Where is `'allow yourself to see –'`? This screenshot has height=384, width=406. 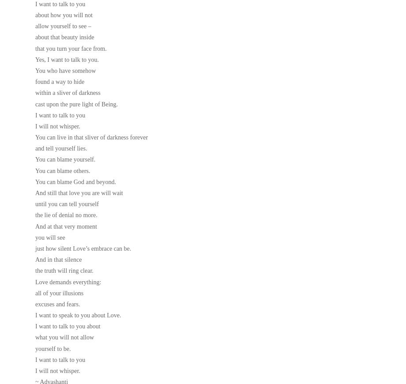 'allow yourself to see –' is located at coordinates (62, 26).